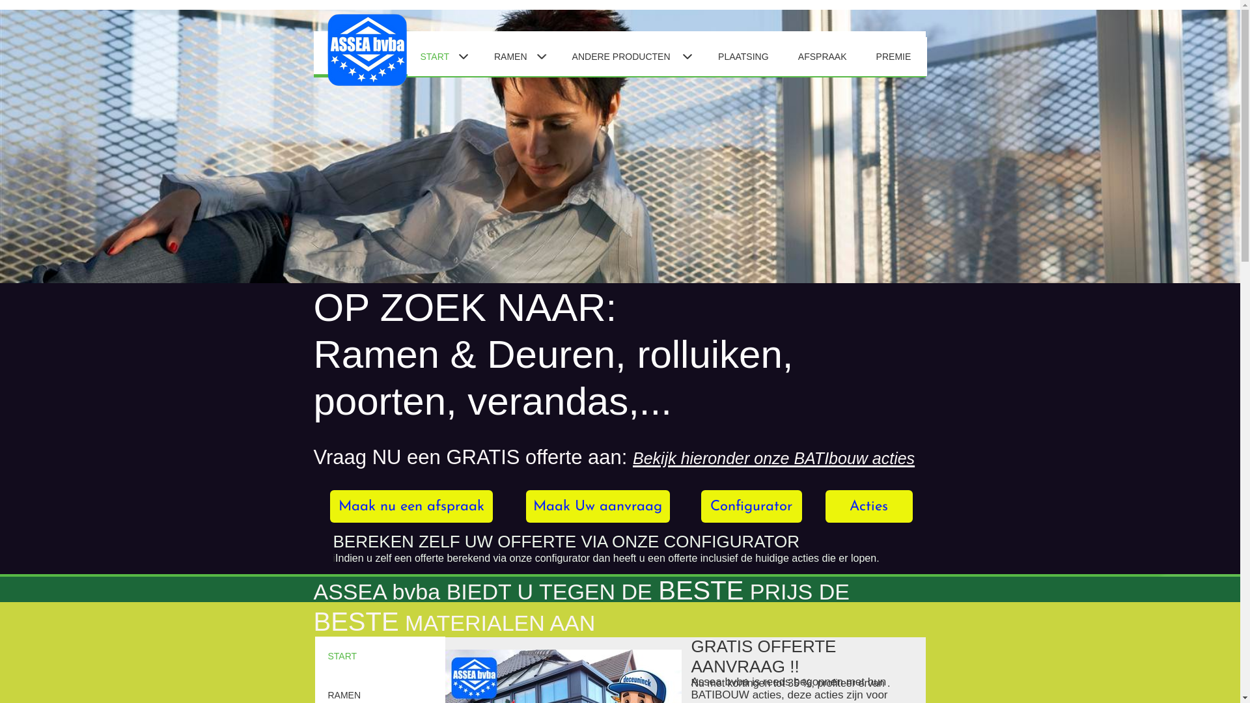  I want to click on 'AFSPRAAK', so click(824, 55).